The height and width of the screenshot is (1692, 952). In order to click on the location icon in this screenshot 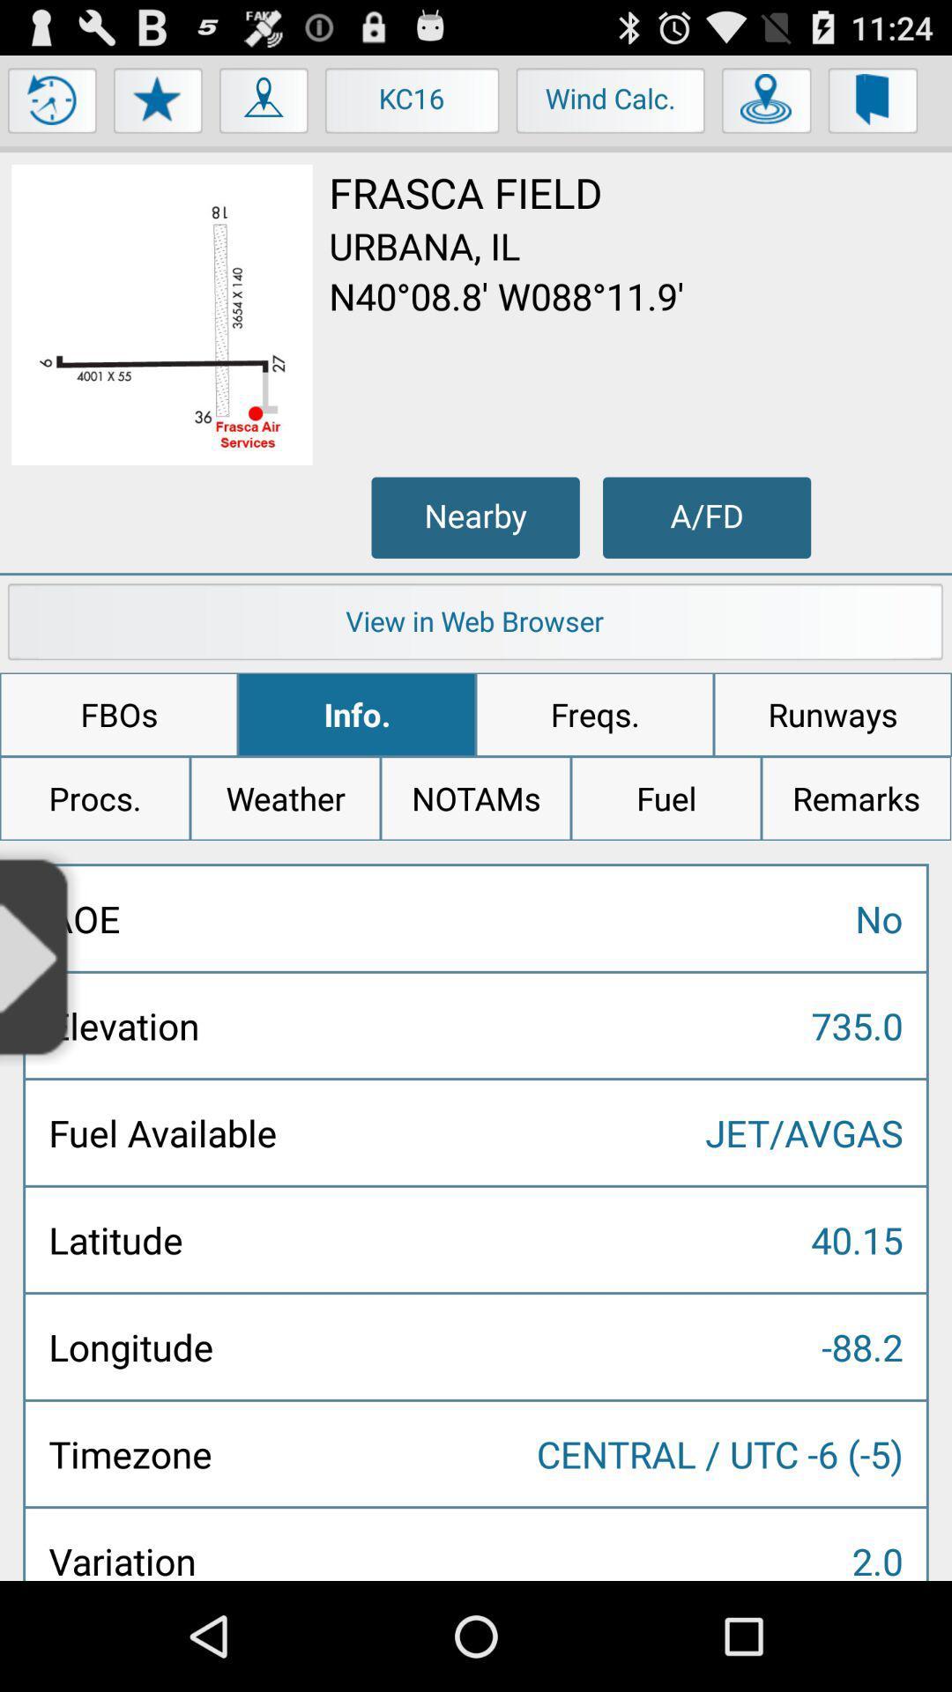, I will do `click(264, 112)`.